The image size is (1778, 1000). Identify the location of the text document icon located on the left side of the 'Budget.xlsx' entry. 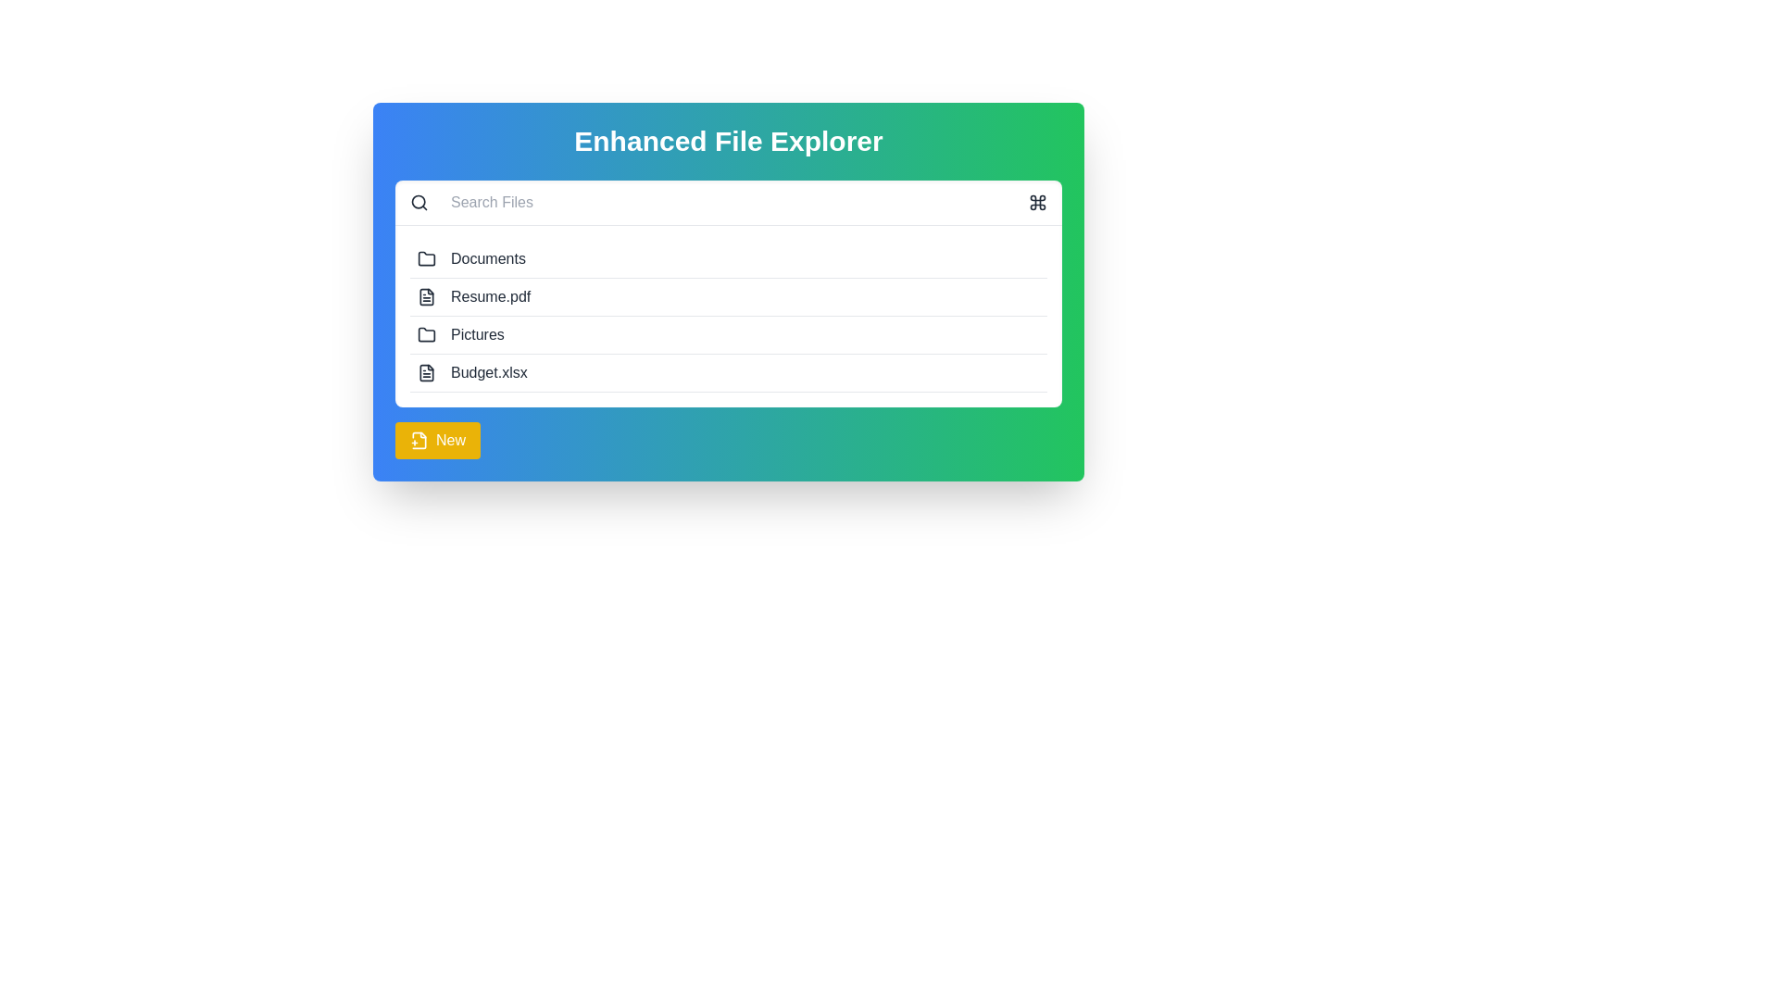
(425, 372).